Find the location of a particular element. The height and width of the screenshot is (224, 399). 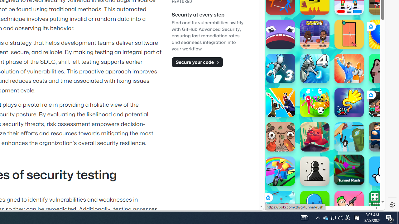

'G-Switch 3 G-Switch 3' is located at coordinates (280, 68).